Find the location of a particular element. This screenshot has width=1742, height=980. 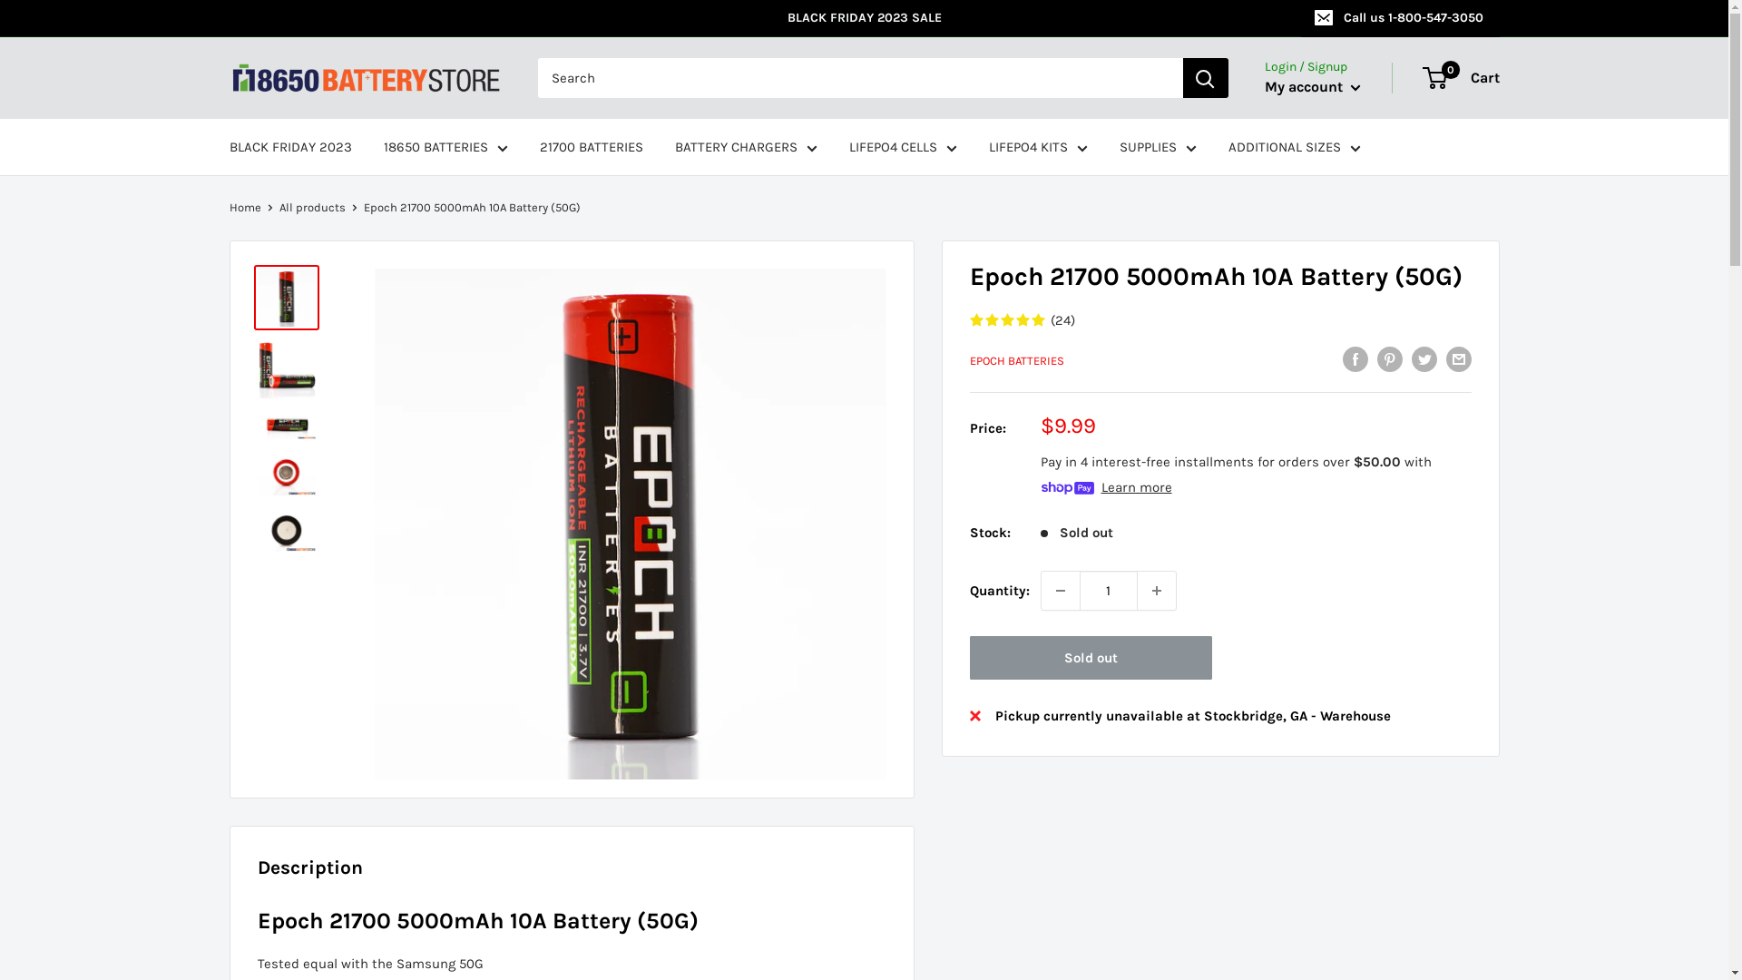

'BLACK FRIDAY 2023' is located at coordinates (289, 146).